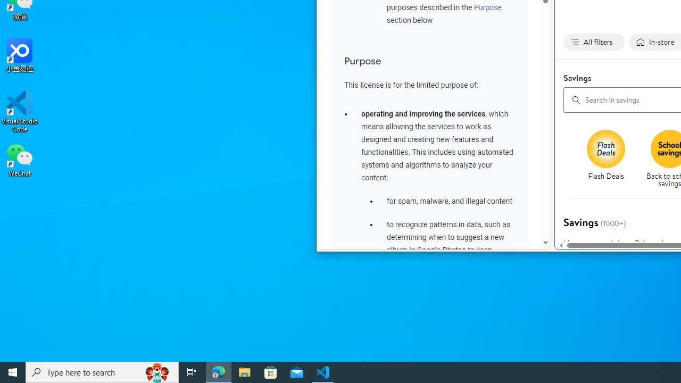  I want to click on 'Task View', so click(191, 371).